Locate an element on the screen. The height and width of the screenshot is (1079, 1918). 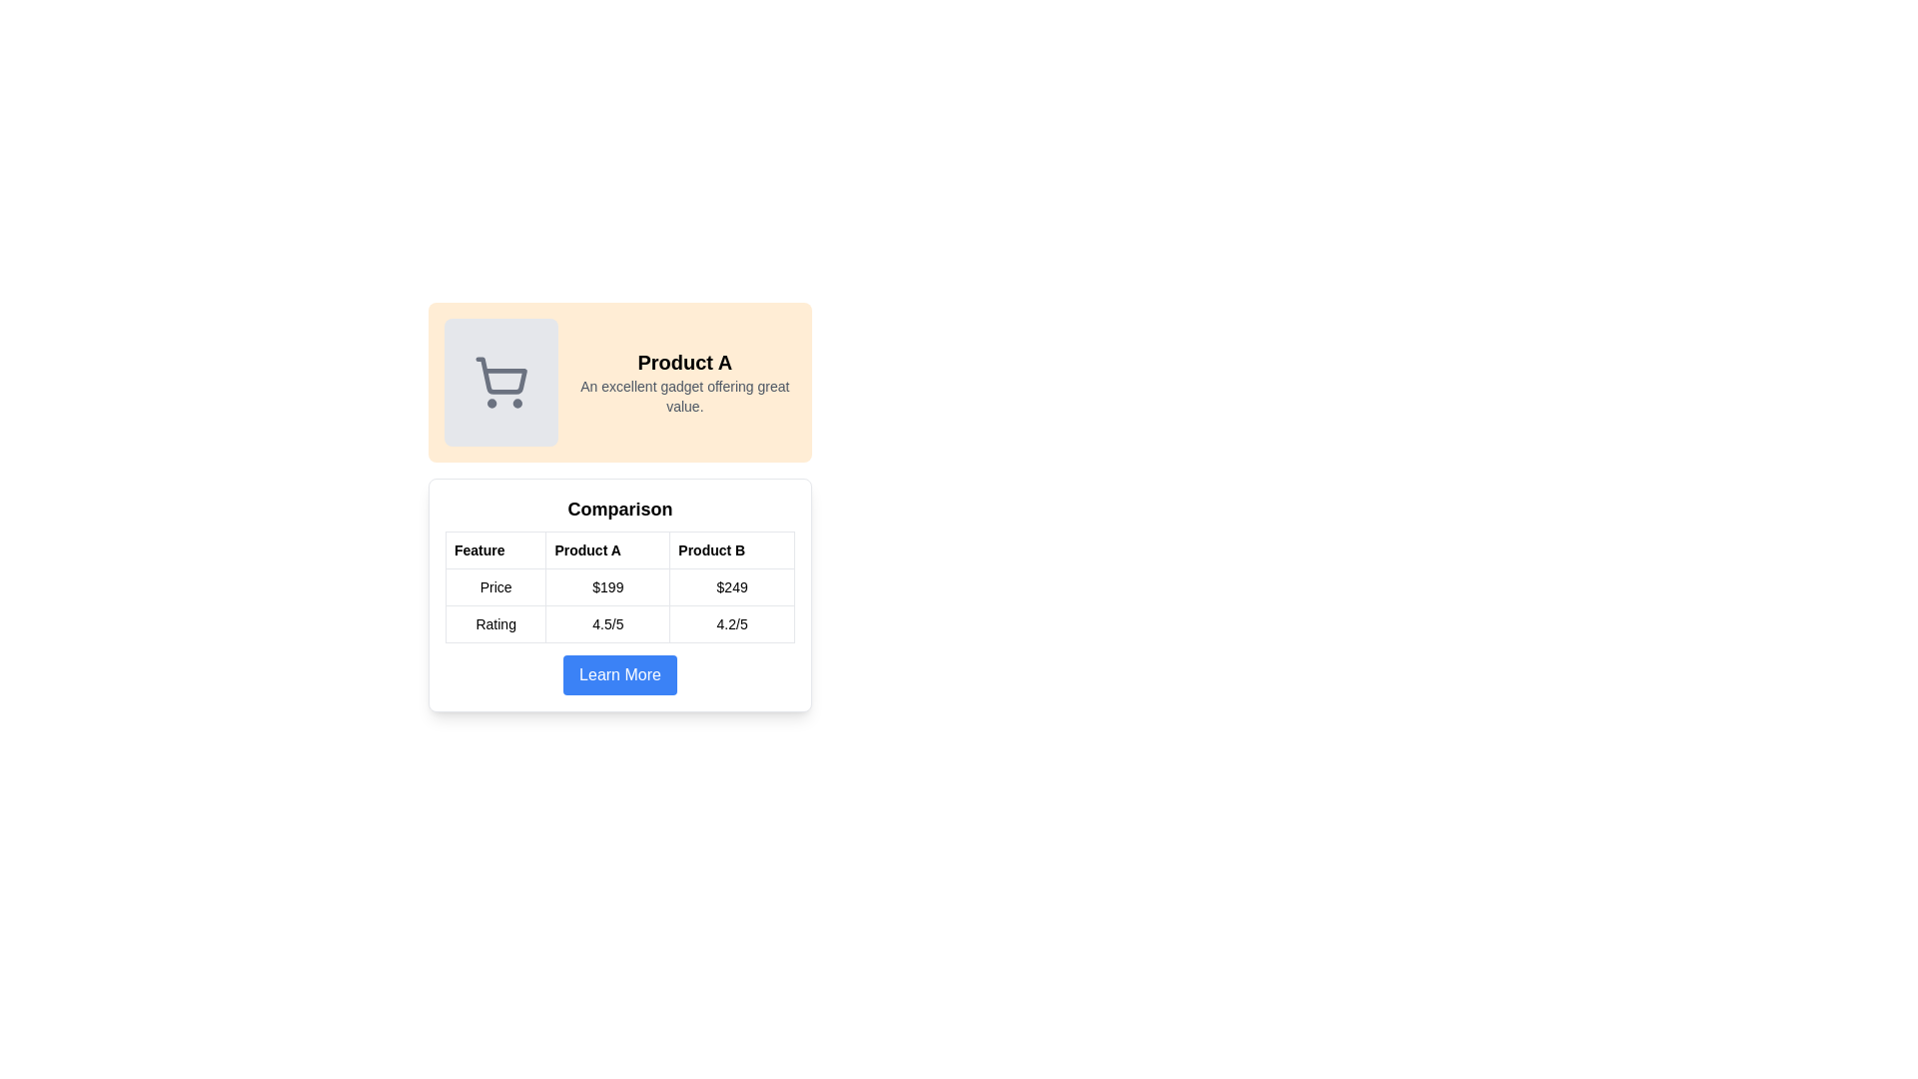
Table header row of the comparison table, which provides labels for the columns, located below the 'Comparison' heading, for debugging purposes is located at coordinates (618, 550).